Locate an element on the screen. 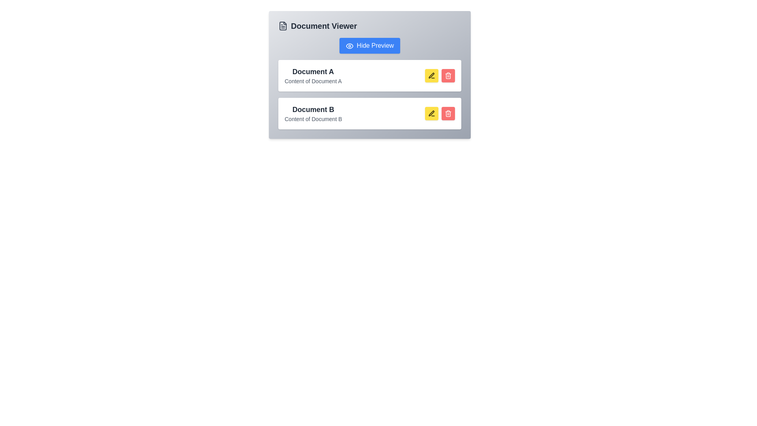 Image resolution: width=757 pixels, height=426 pixels. the document icon in the 'Document Viewer' section, which is a gray rectangular icon resembling a document with lines of text, located at the top-left corner before the title 'Document Viewer' is located at coordinates (283, 25).